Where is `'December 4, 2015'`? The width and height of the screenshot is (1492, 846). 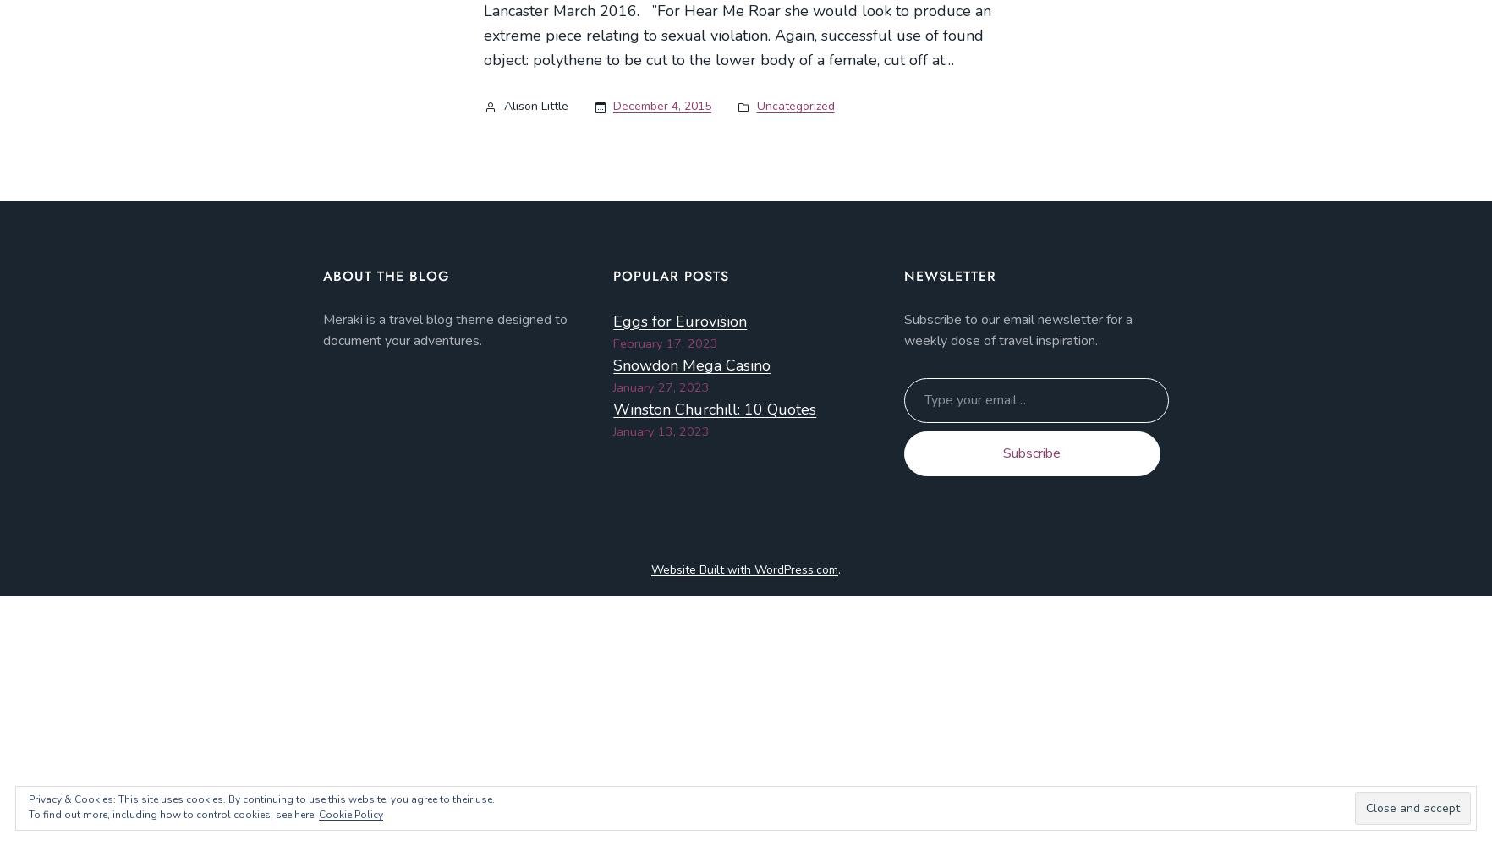
'December 4, 2015' is located at coordinates (662, 106).